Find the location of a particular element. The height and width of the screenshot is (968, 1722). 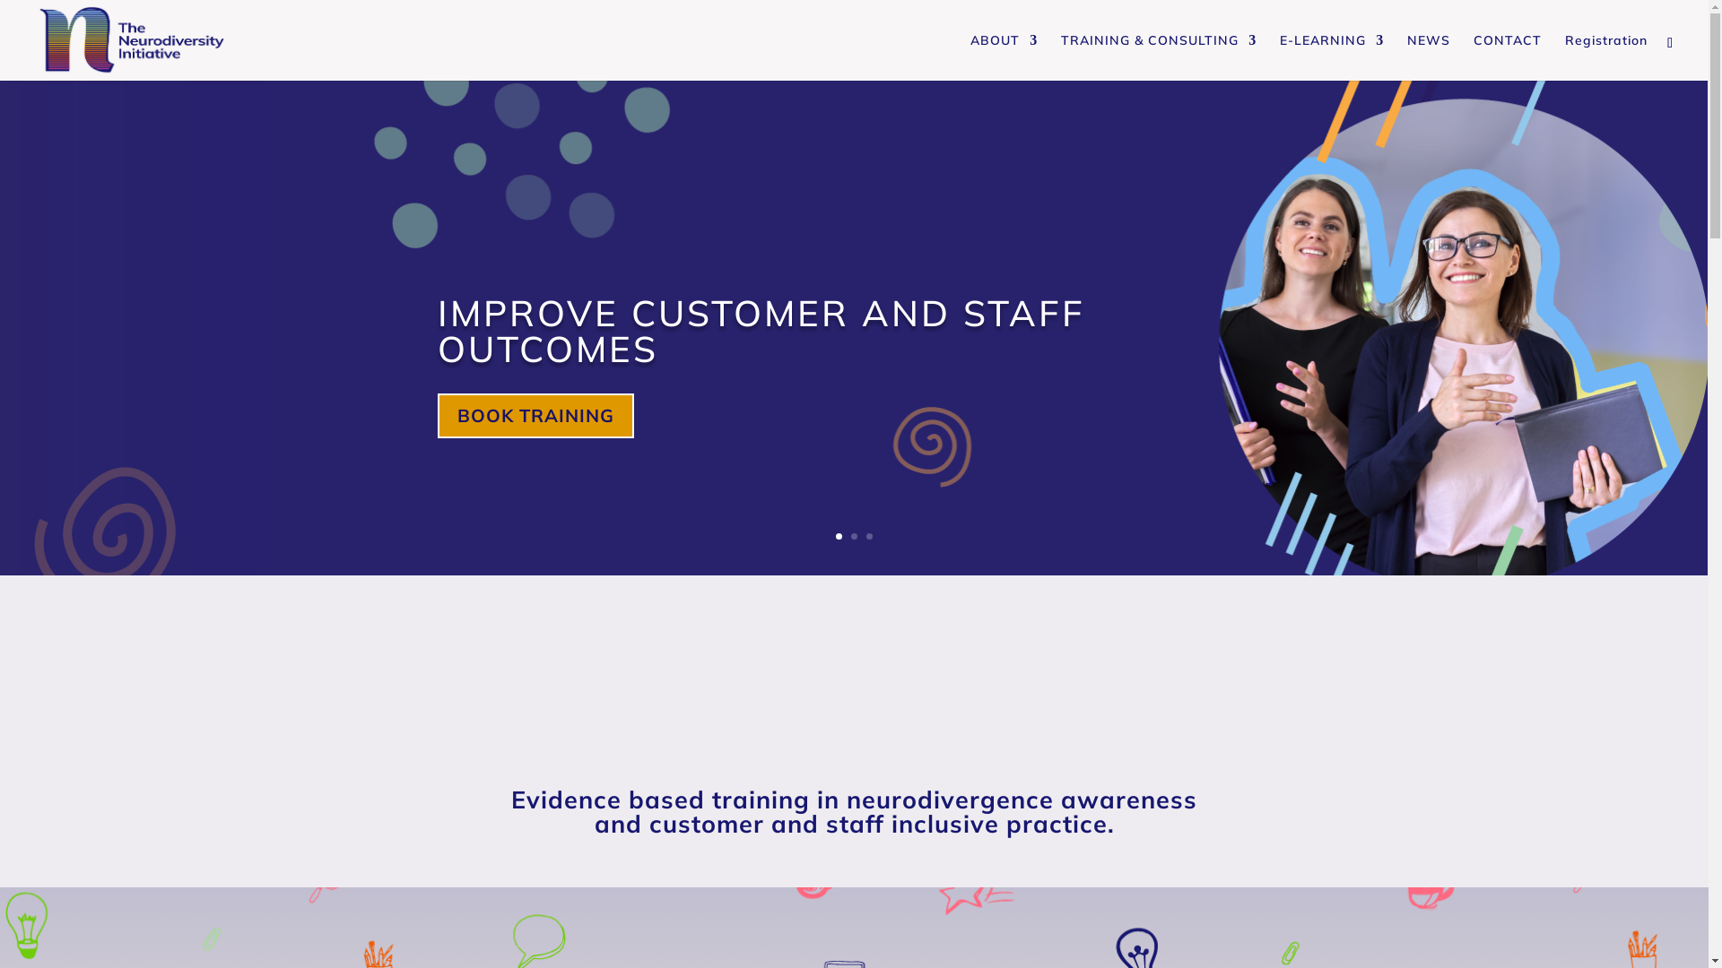

'3' is located at coordinates (869, 535).